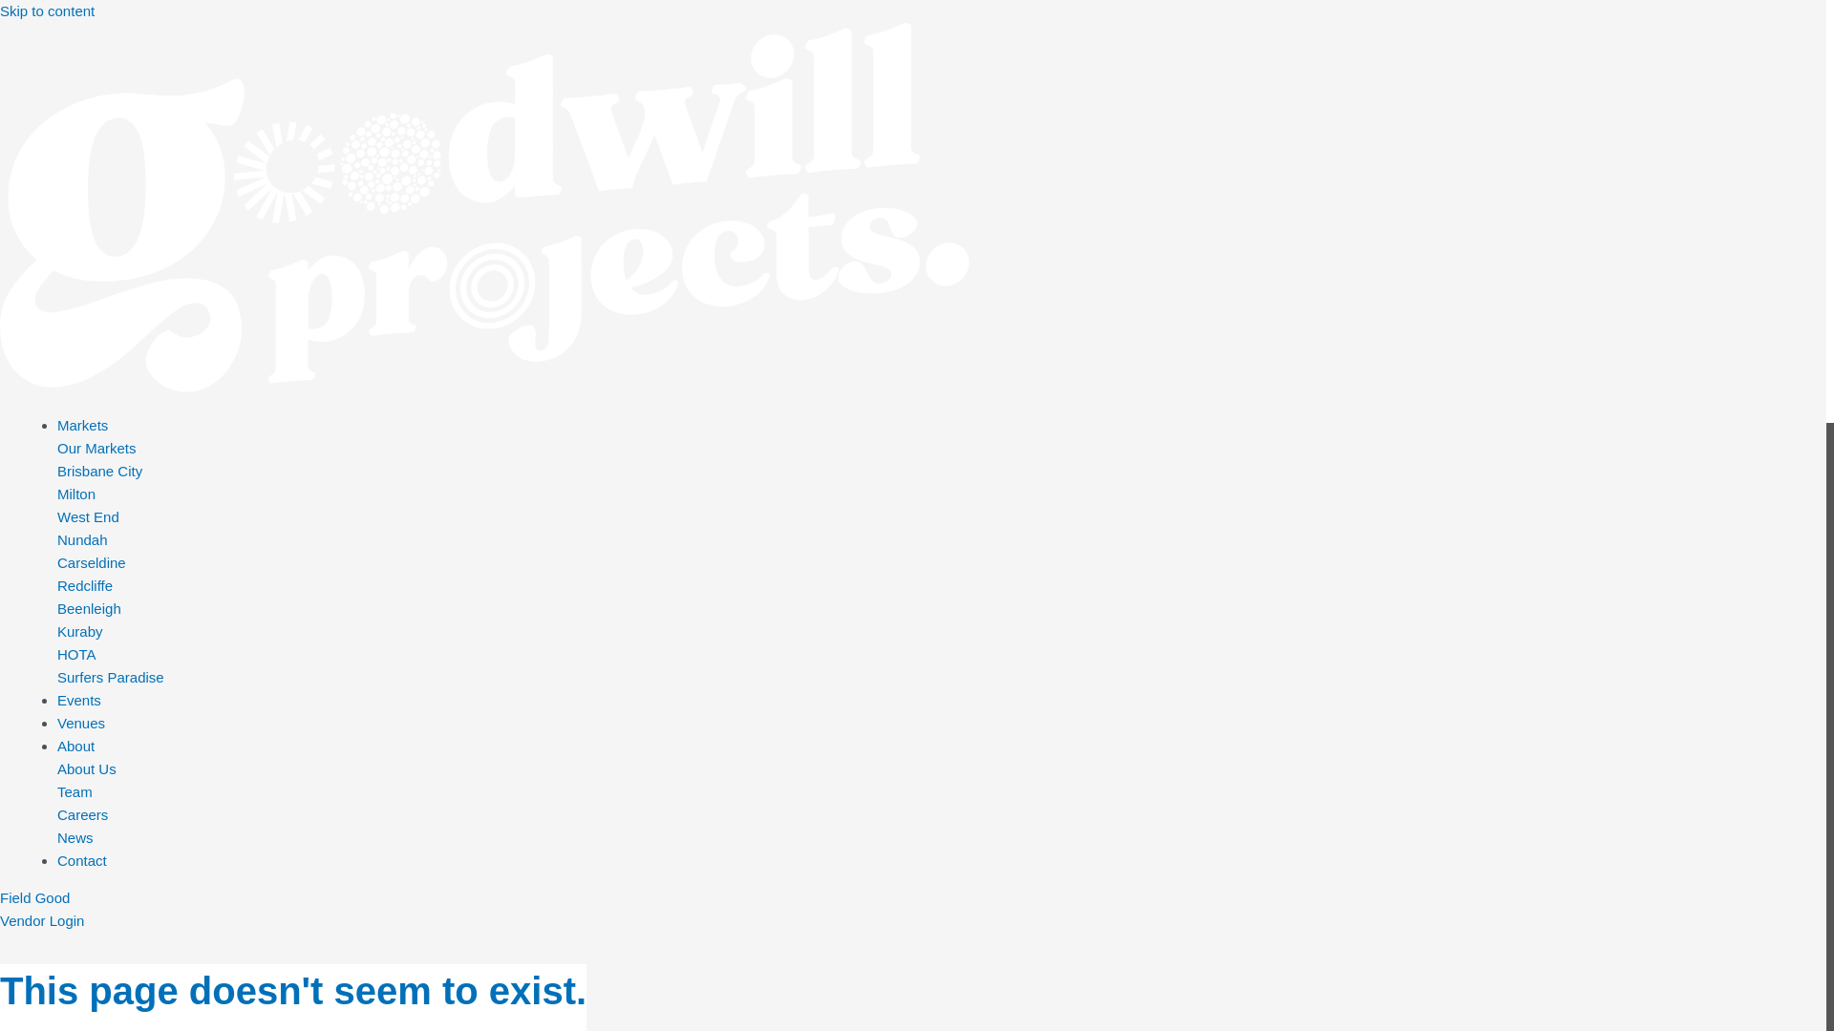 The image size is (1834, 1031). Describe the element at coordinates (56, 791) in the screenshot. I see `'Team'` at that location.